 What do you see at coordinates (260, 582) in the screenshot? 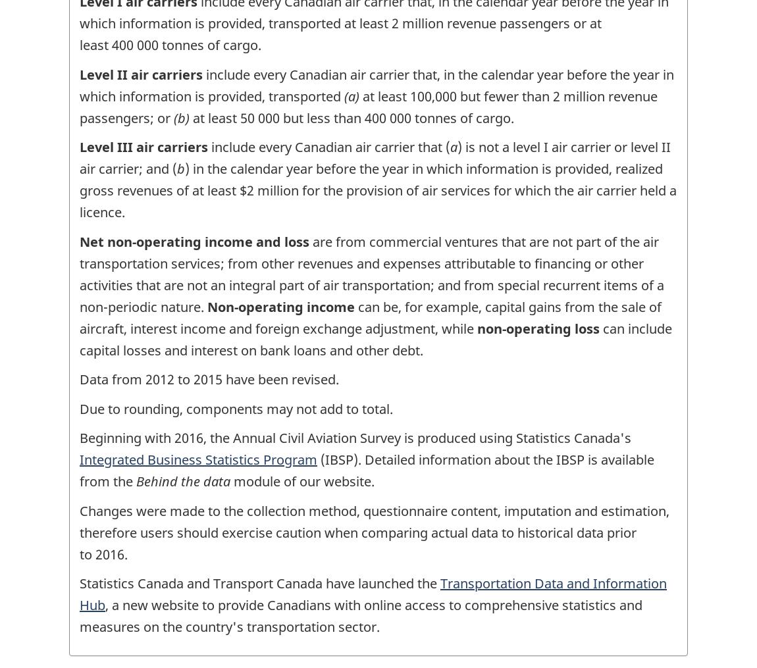
I see `'Statistics Canada and Transport Canada have launched the'` at bounding box center [260, 582].